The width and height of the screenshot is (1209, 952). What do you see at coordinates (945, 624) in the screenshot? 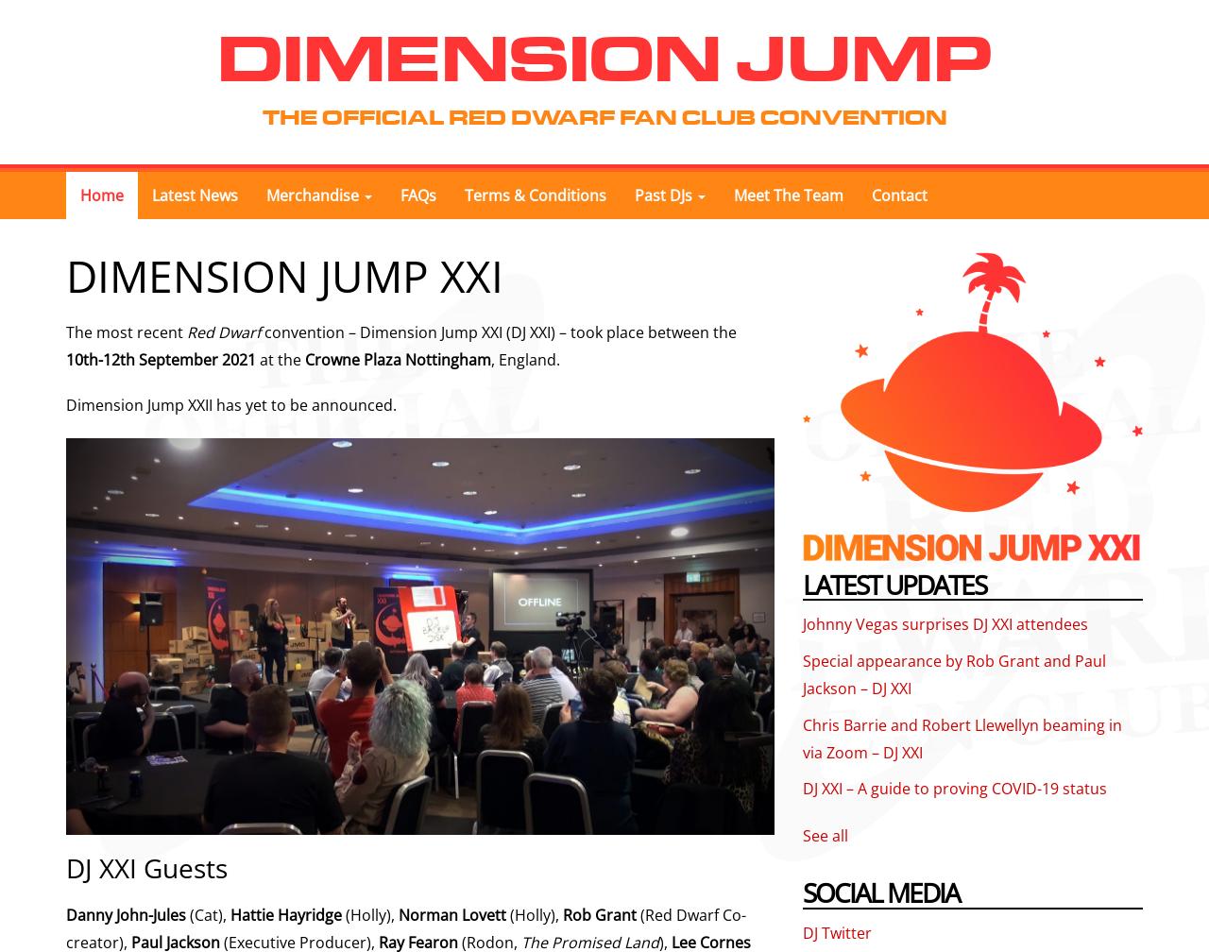
I see `'Johnny Vegas surprises DJ XXI attendees'` at bounding box center [945, 624].